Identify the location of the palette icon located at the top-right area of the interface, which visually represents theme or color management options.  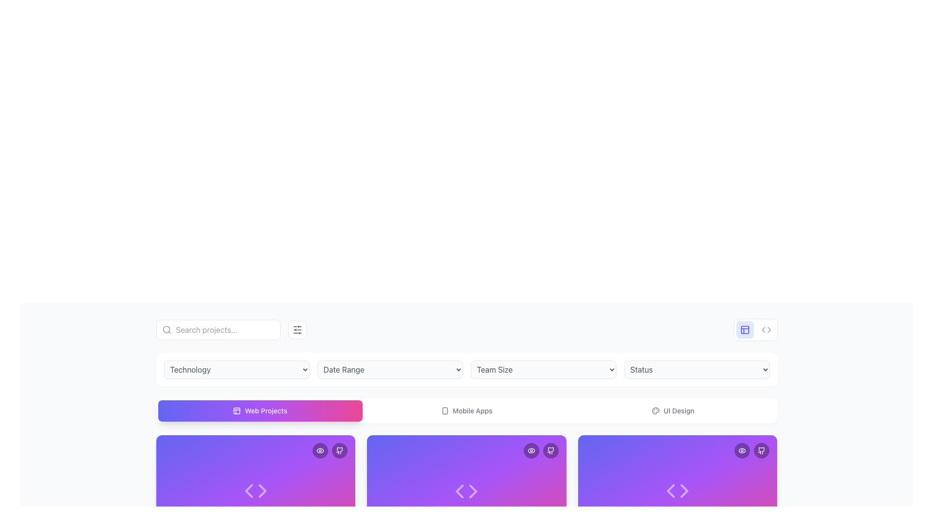
(656, 411).